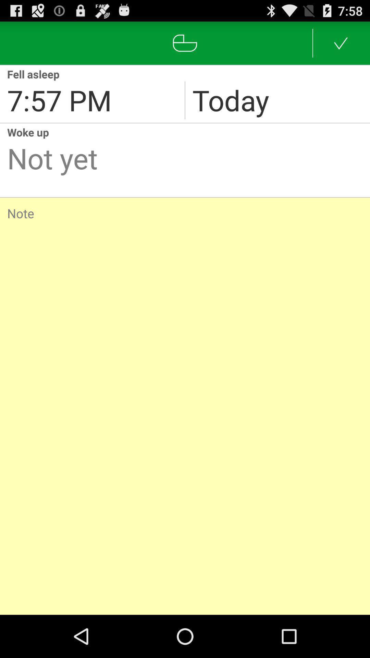  I want to click on the check icon, so click(341, 46).